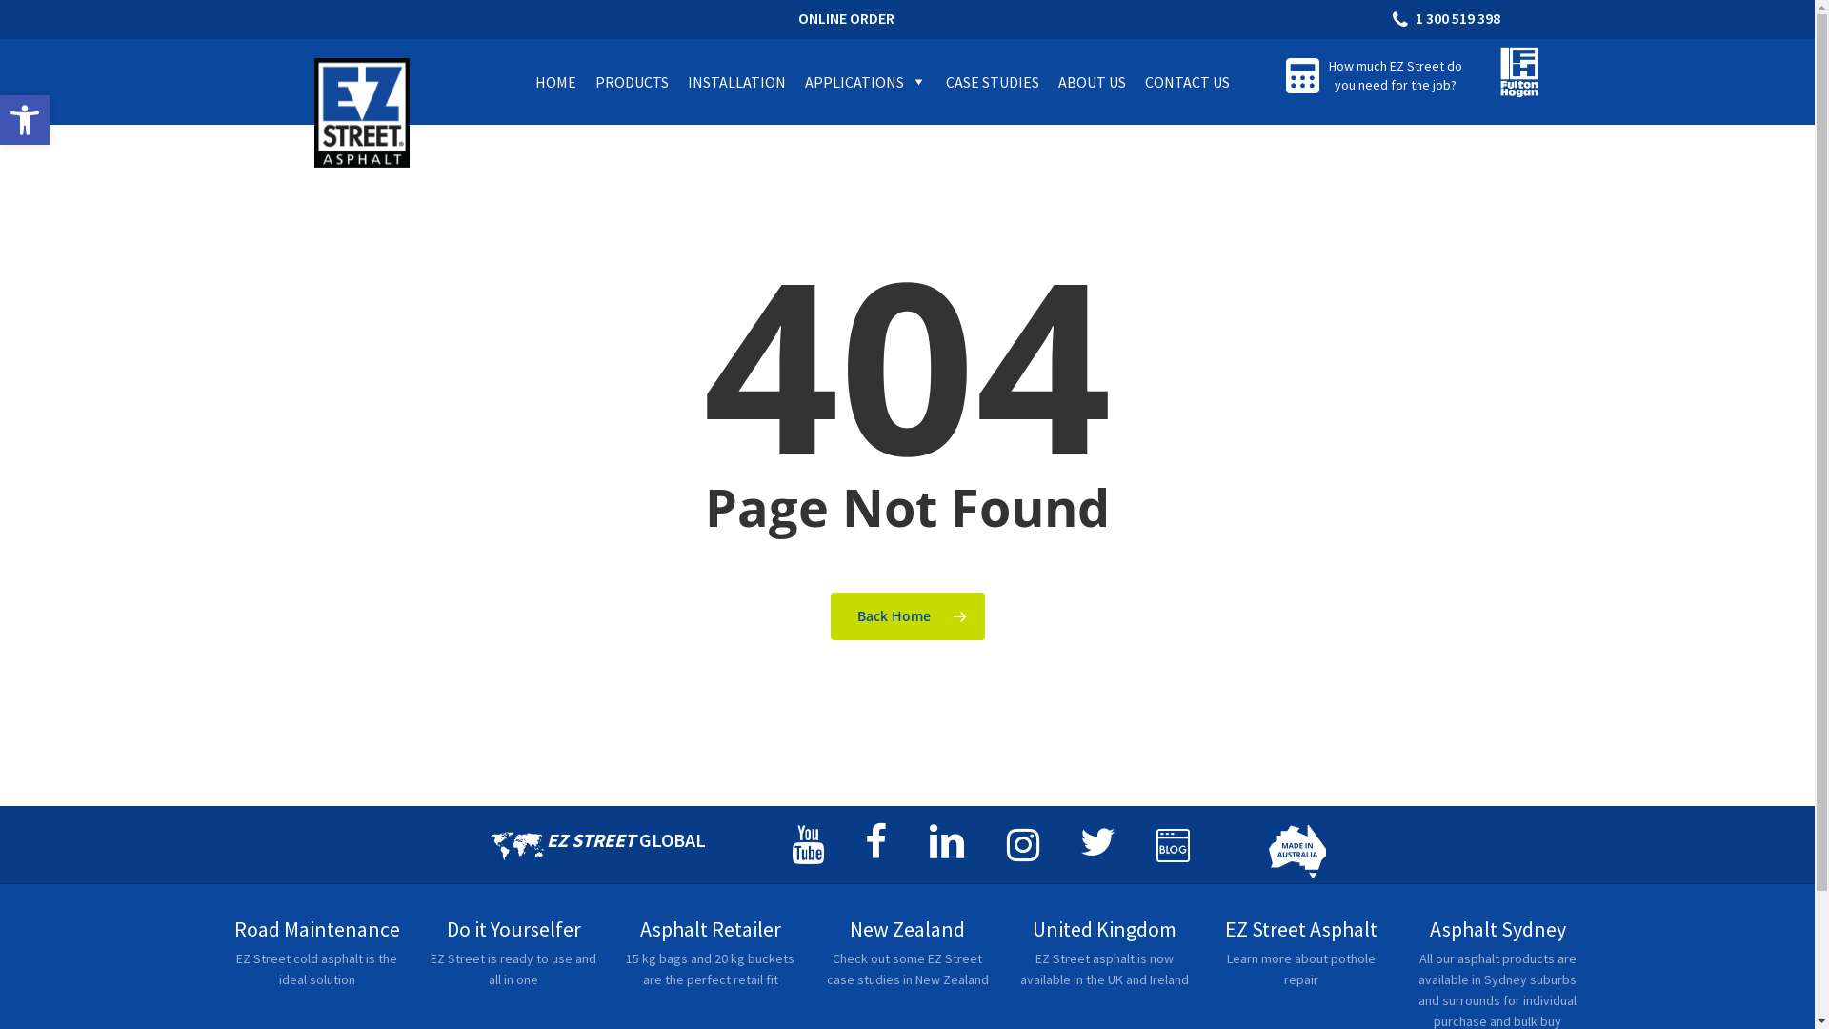 This screenshot has width=1829, height=1029. I want to click on 'Do it Yourselfer, so click(513, 962).